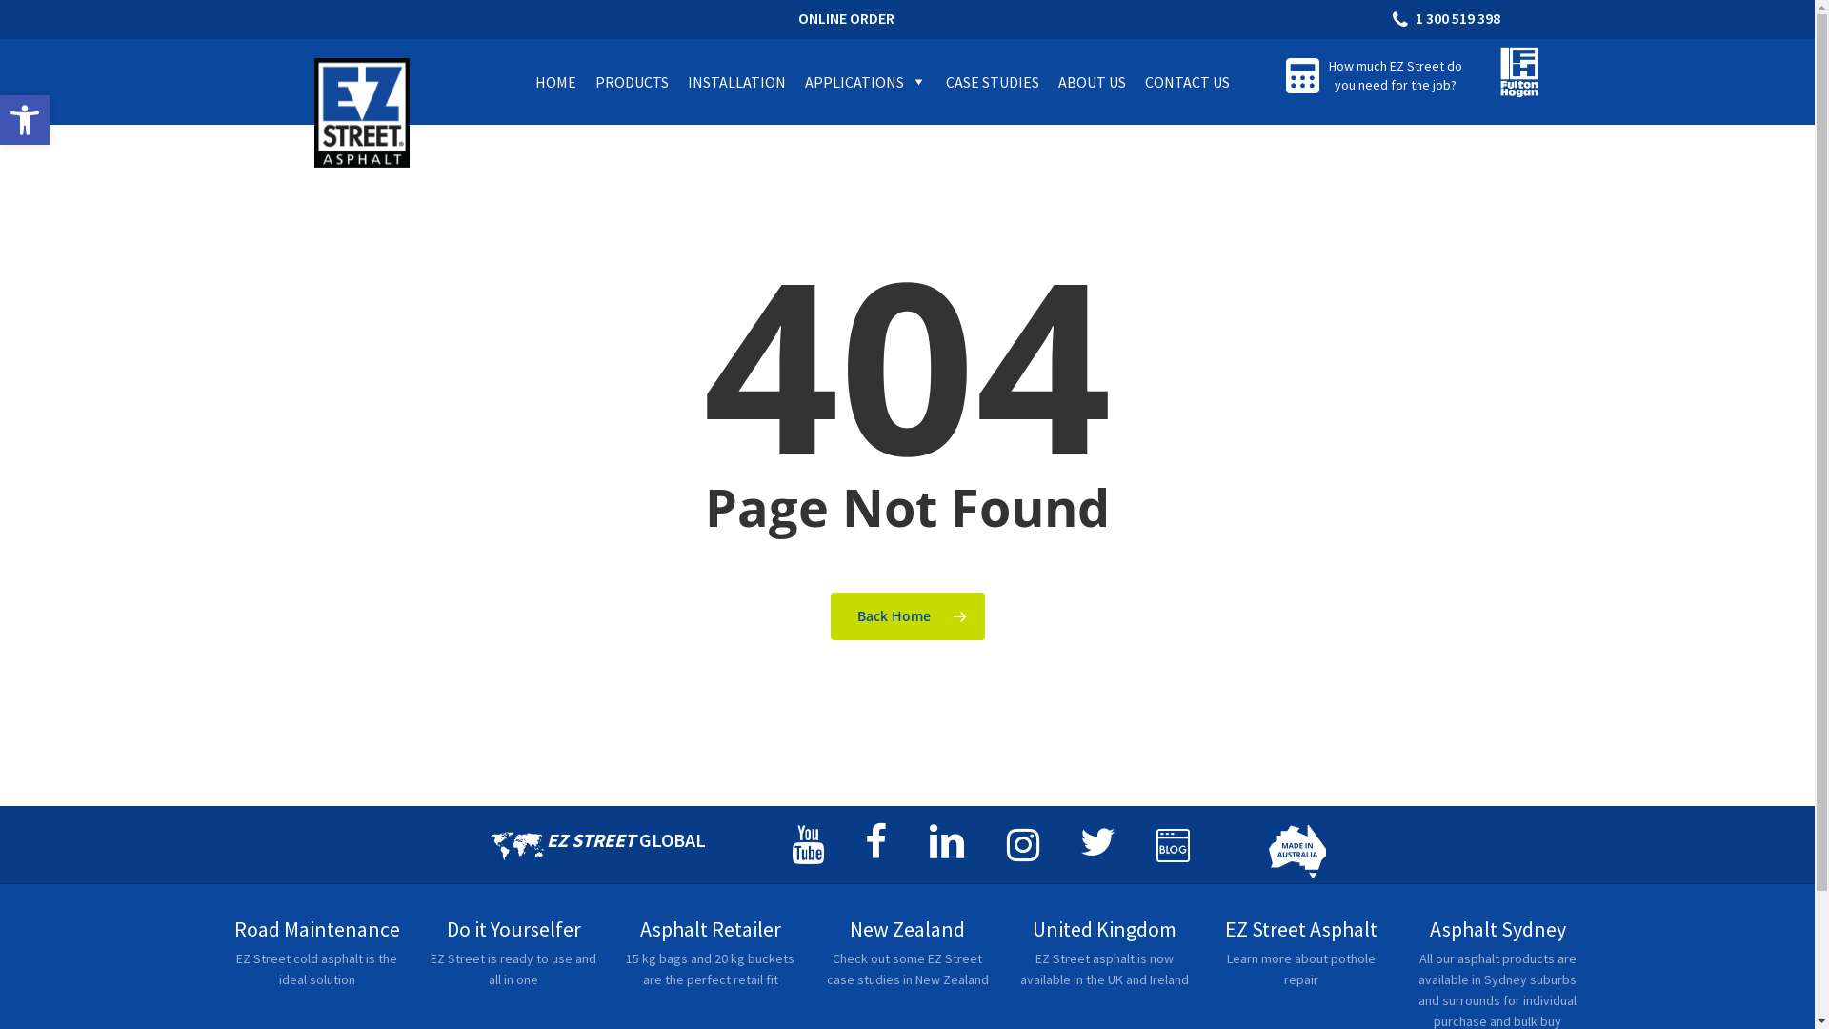 This screenshot has width=1829, height=1029. I want to click on 'Do it Yourselfer, so click(513, 962).